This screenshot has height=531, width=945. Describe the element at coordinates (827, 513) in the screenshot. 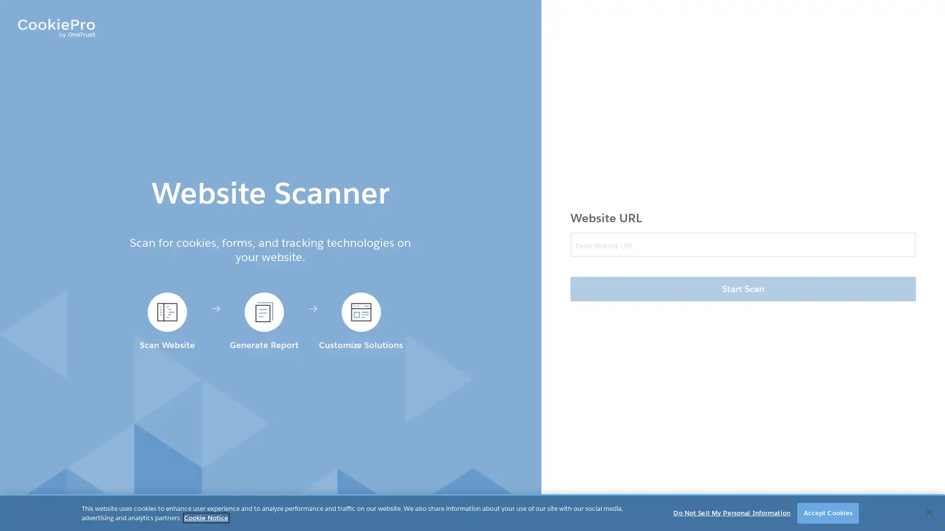

I see `Accept Cookies` at that location.